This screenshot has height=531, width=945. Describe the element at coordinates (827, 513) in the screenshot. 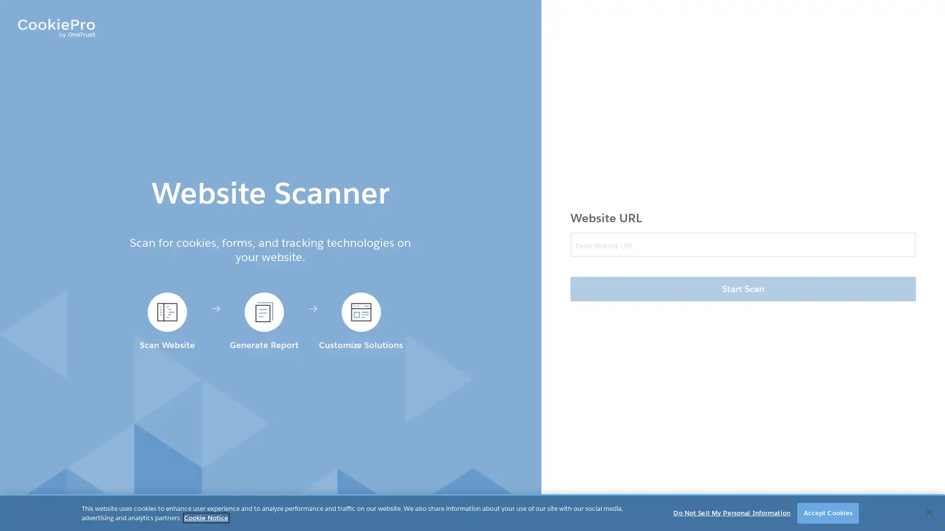

I see `Accept Cookies` at that location.